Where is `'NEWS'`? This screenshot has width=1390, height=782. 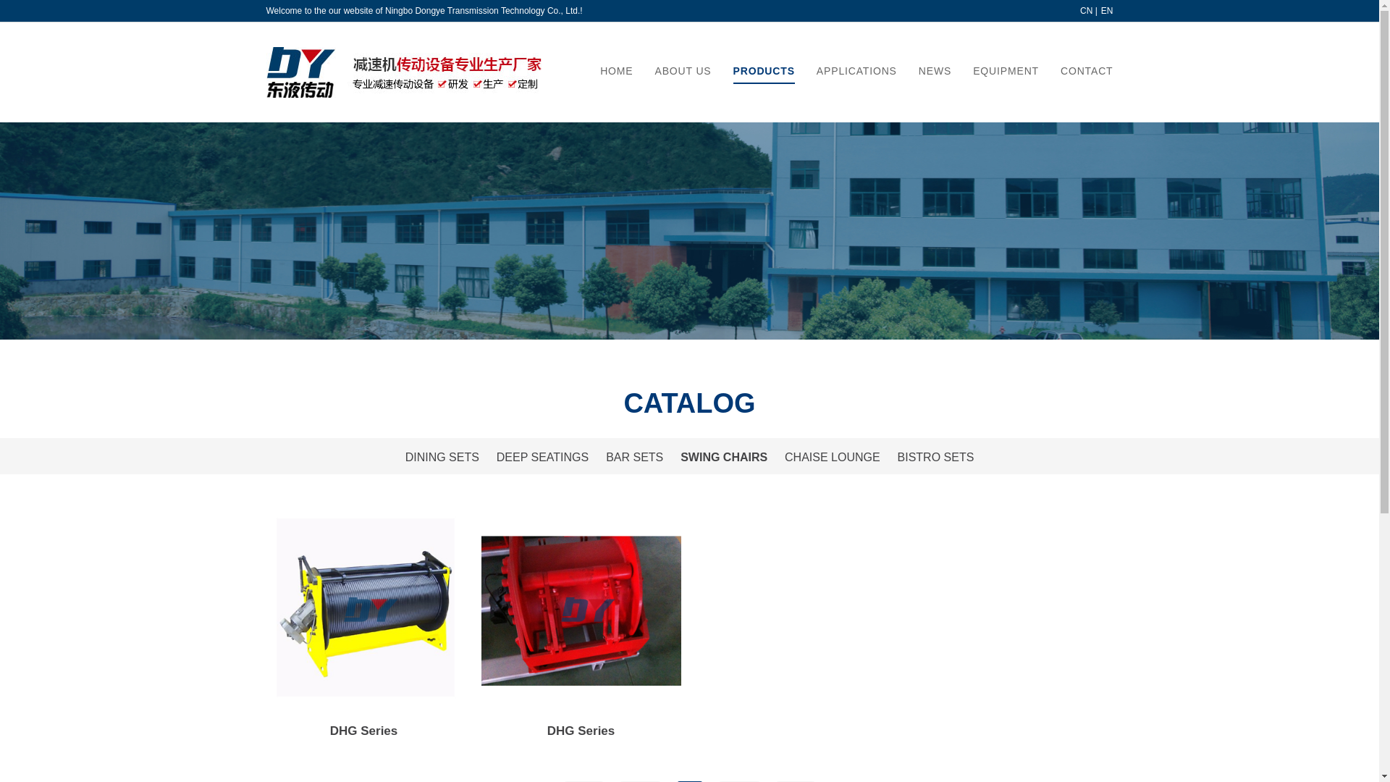
'NEWS' is located at coordinates (935, 70).